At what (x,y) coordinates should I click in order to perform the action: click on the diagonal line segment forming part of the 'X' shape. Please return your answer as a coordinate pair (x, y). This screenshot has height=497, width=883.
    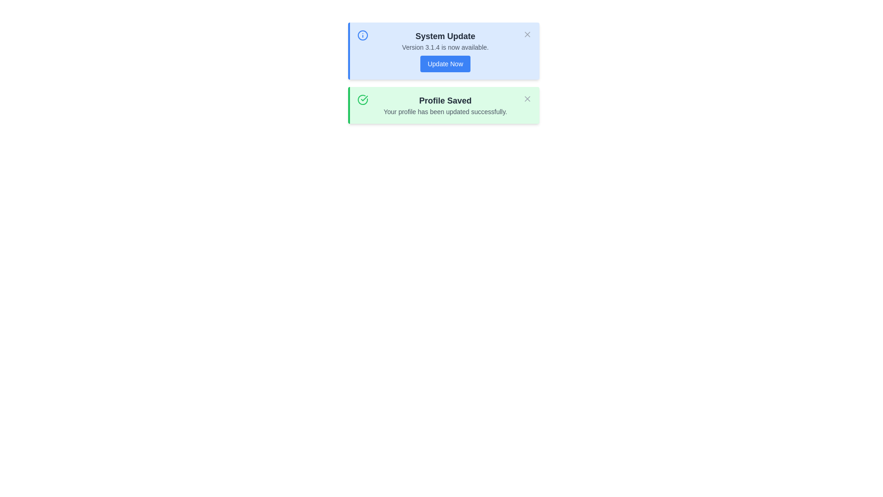
    Looking at the image, I should click on (527, 34).